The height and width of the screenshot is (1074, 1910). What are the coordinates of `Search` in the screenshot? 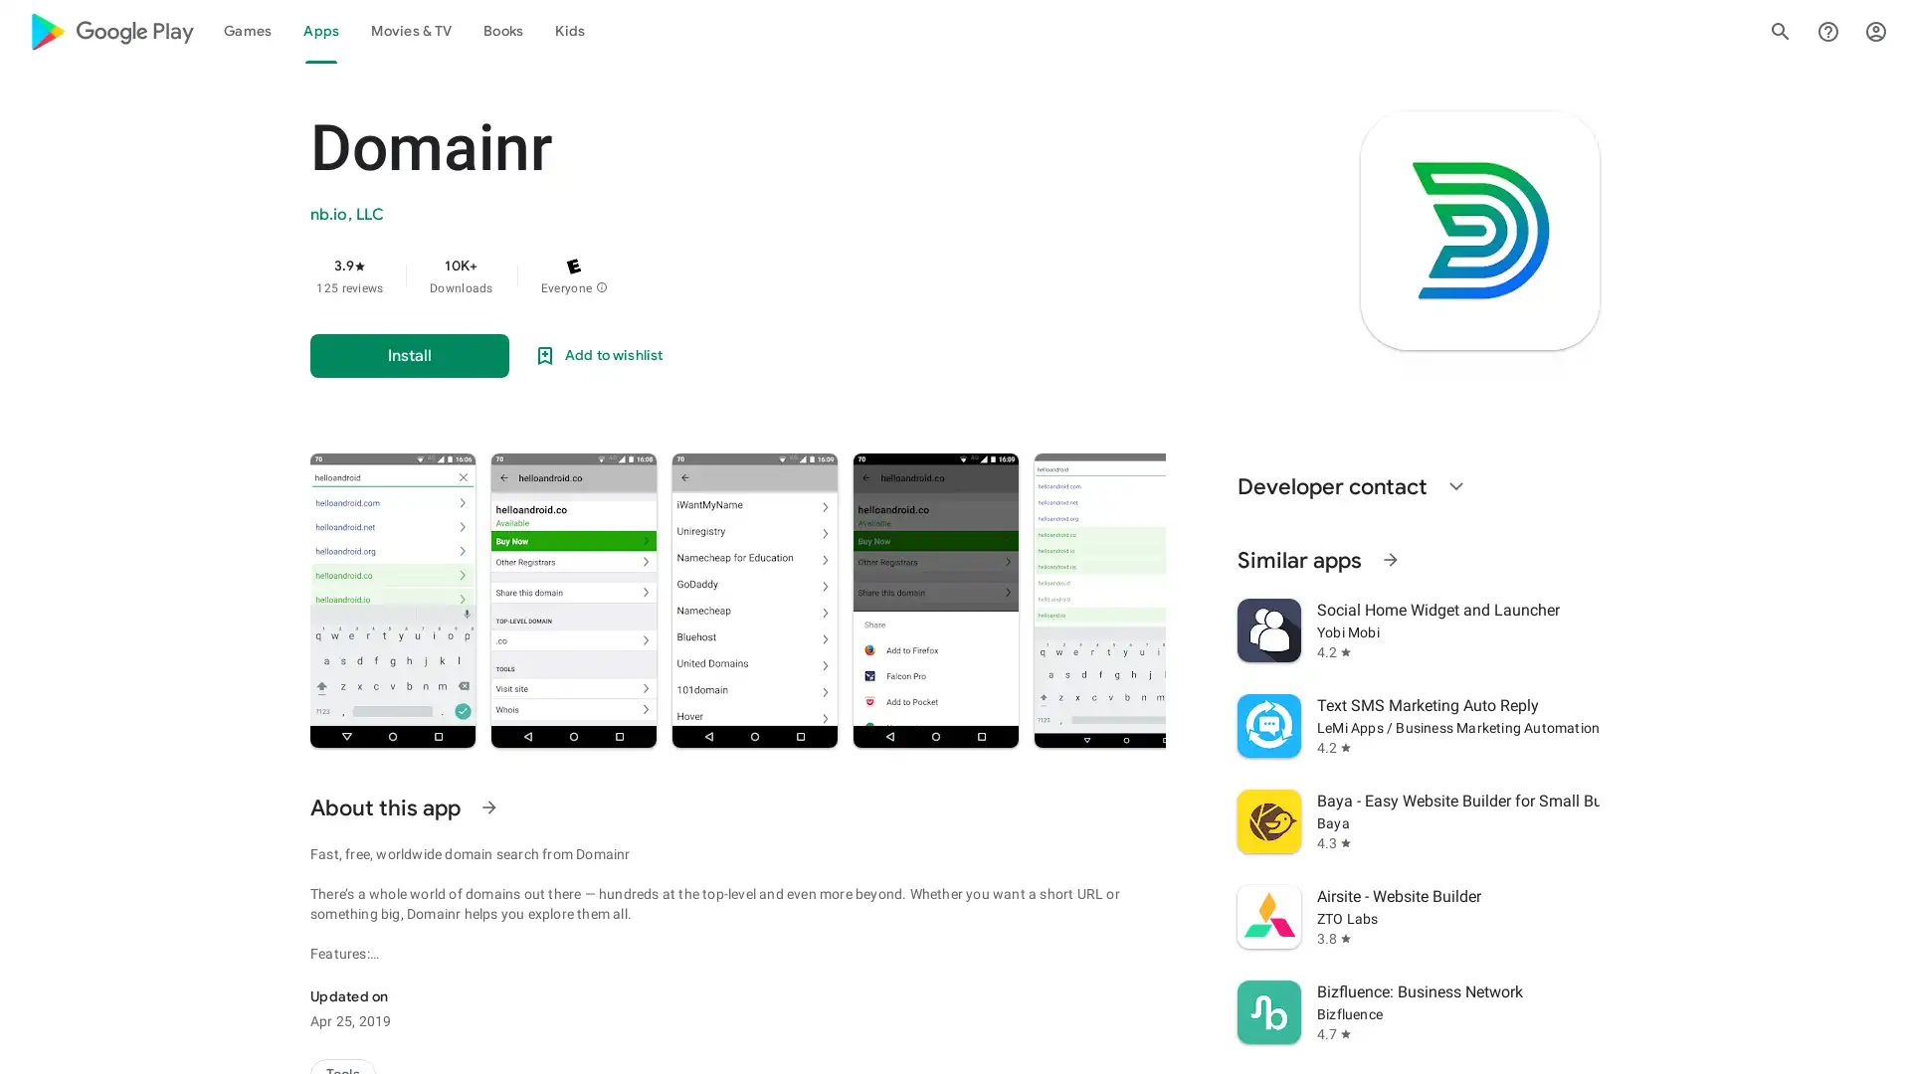 It's located at (1781, 31).